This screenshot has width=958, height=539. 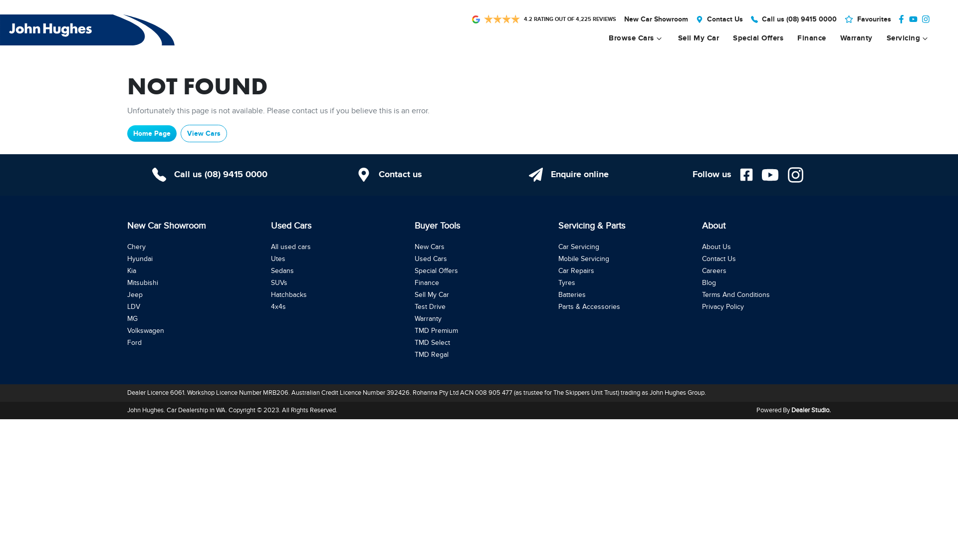 I want to click on 'TMD Premium', so click(x=436, y=330).